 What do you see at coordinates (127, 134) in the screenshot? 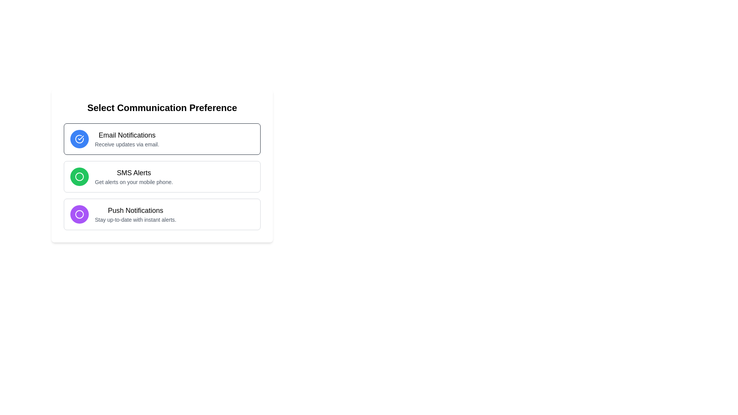
I see `the text label 'Email Notifications' which is styled as a title or heading, positioned above the description 'Receive updates via email' in the communication preferences list` at bounding box center [127, 134].